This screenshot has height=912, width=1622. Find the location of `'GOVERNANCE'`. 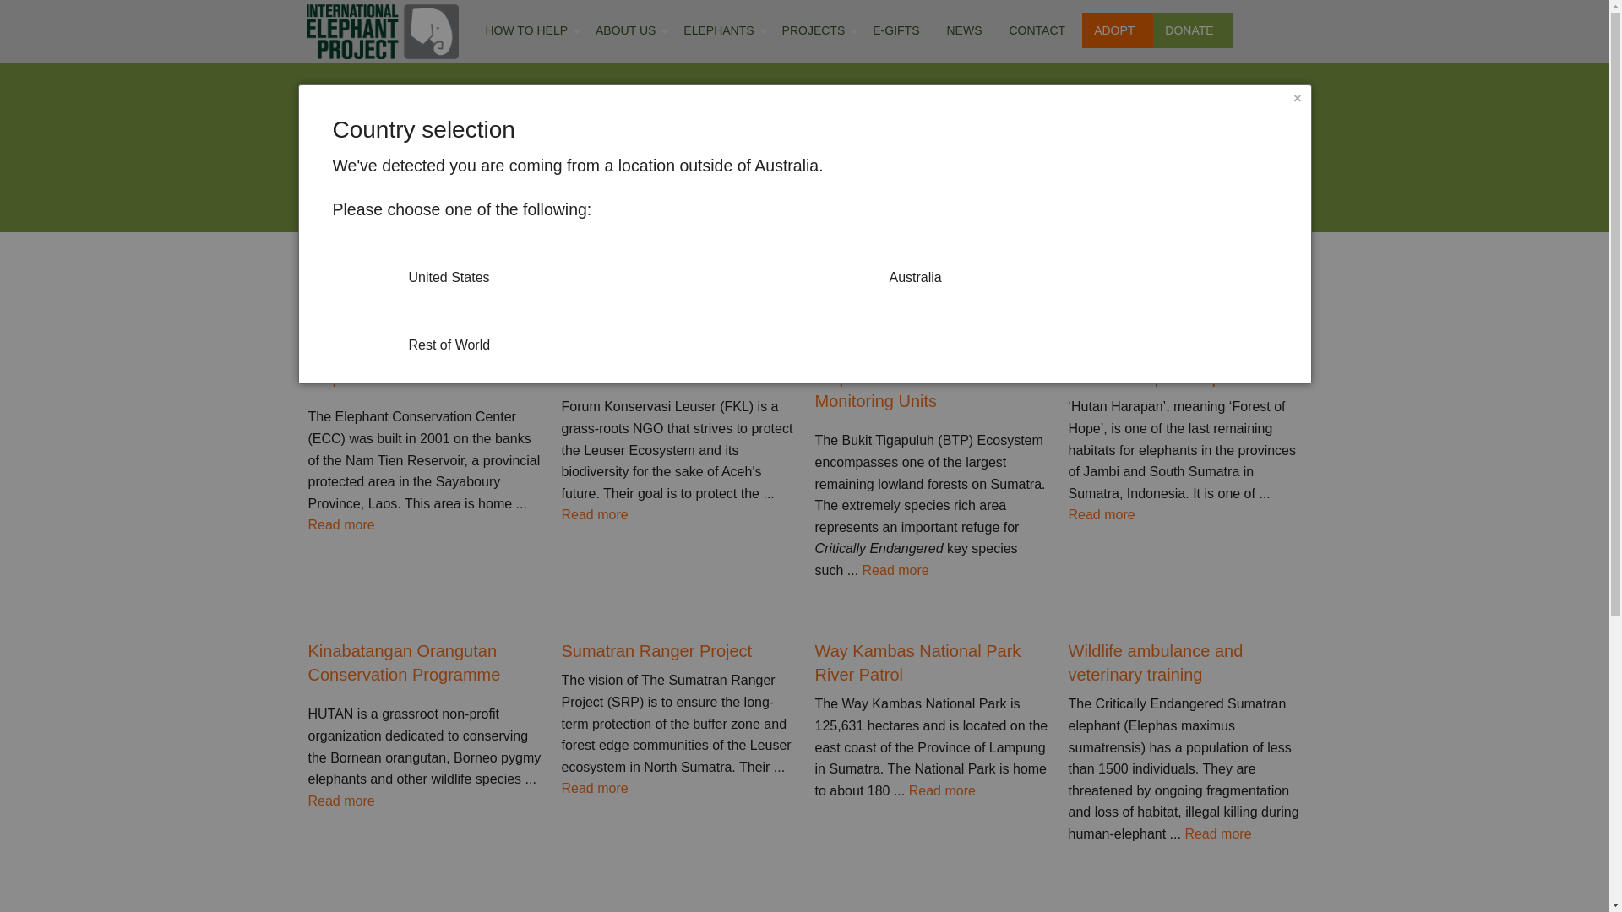

'GOVERNANCE' is located at coordinates (623, 81).